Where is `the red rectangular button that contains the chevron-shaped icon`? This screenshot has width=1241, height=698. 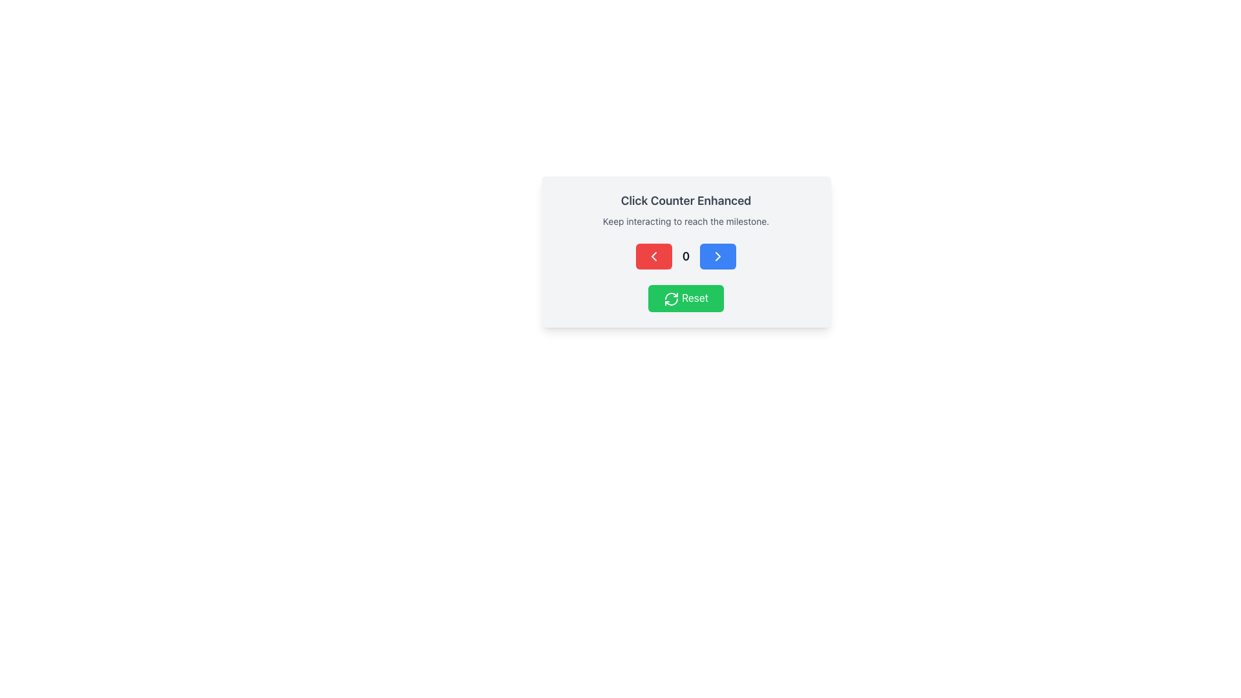 the red rectangular button that contains the chevron-shaped icon is located at coordinates (653, 257).